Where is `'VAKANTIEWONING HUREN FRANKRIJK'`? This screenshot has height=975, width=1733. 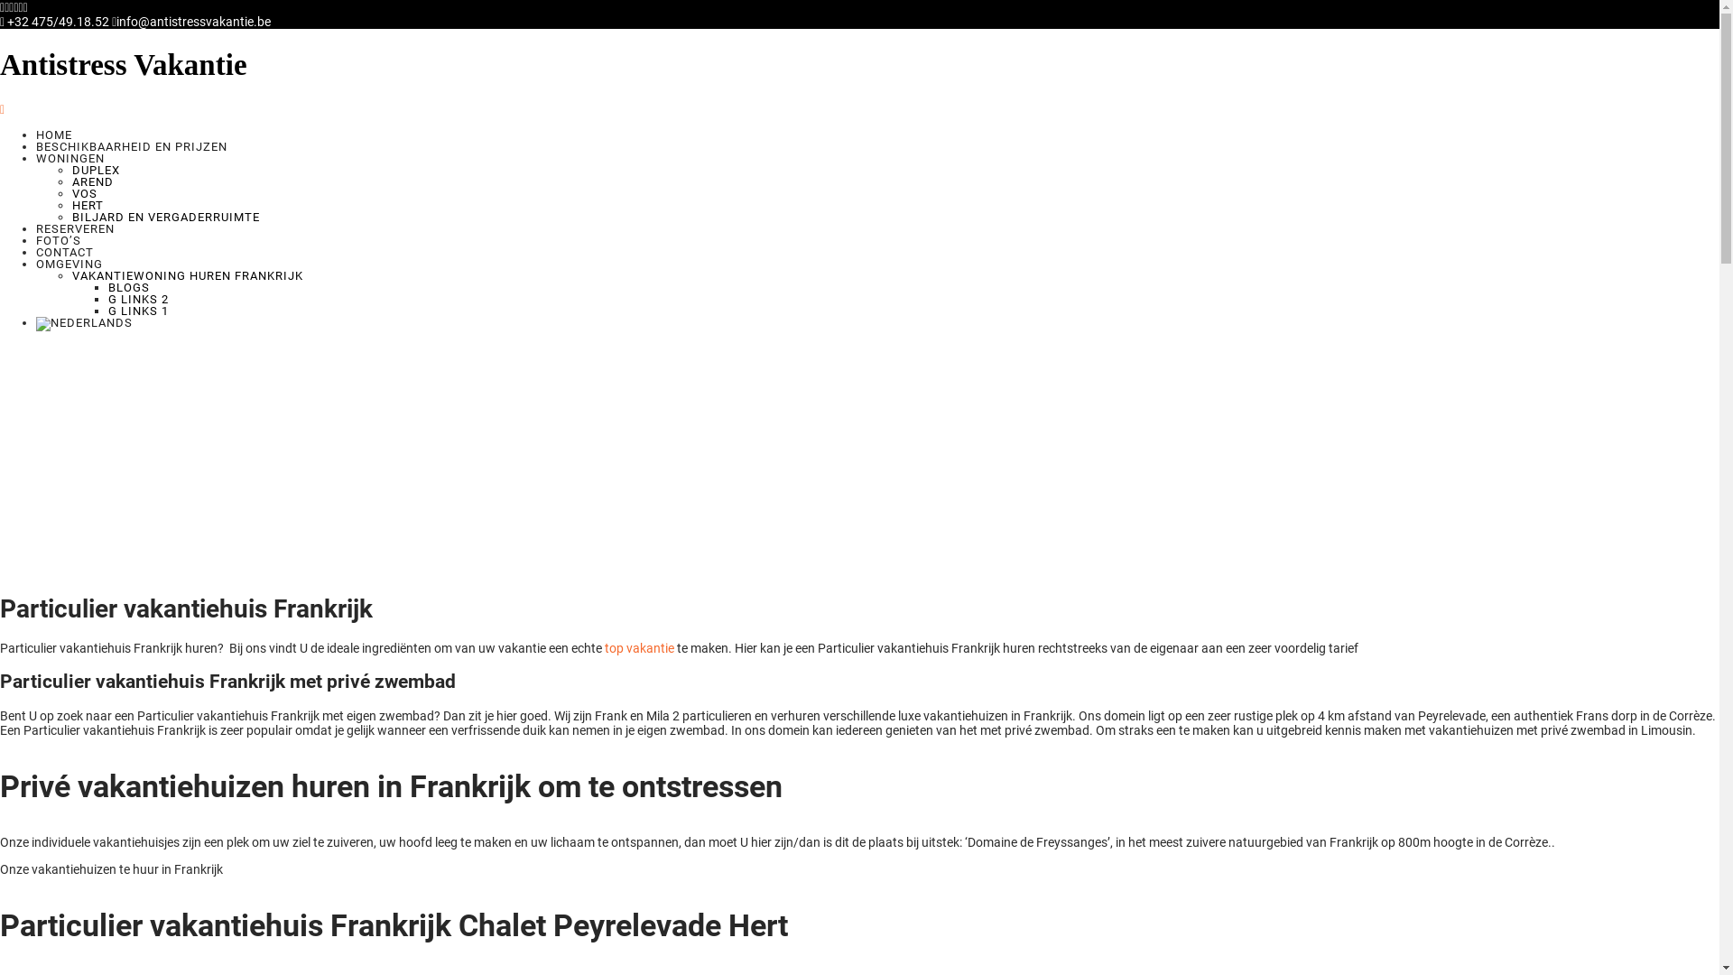 'VAKANTIEWONING HUREN FRANKRIJK' is located at coordinates (72, 275).